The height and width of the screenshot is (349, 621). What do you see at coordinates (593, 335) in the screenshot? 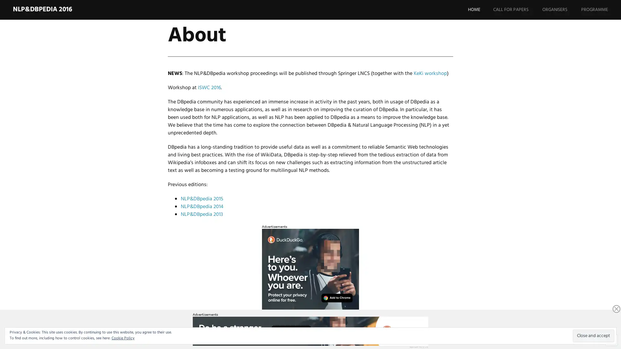
I see `Close and accept` at bounding box center [593, 335].